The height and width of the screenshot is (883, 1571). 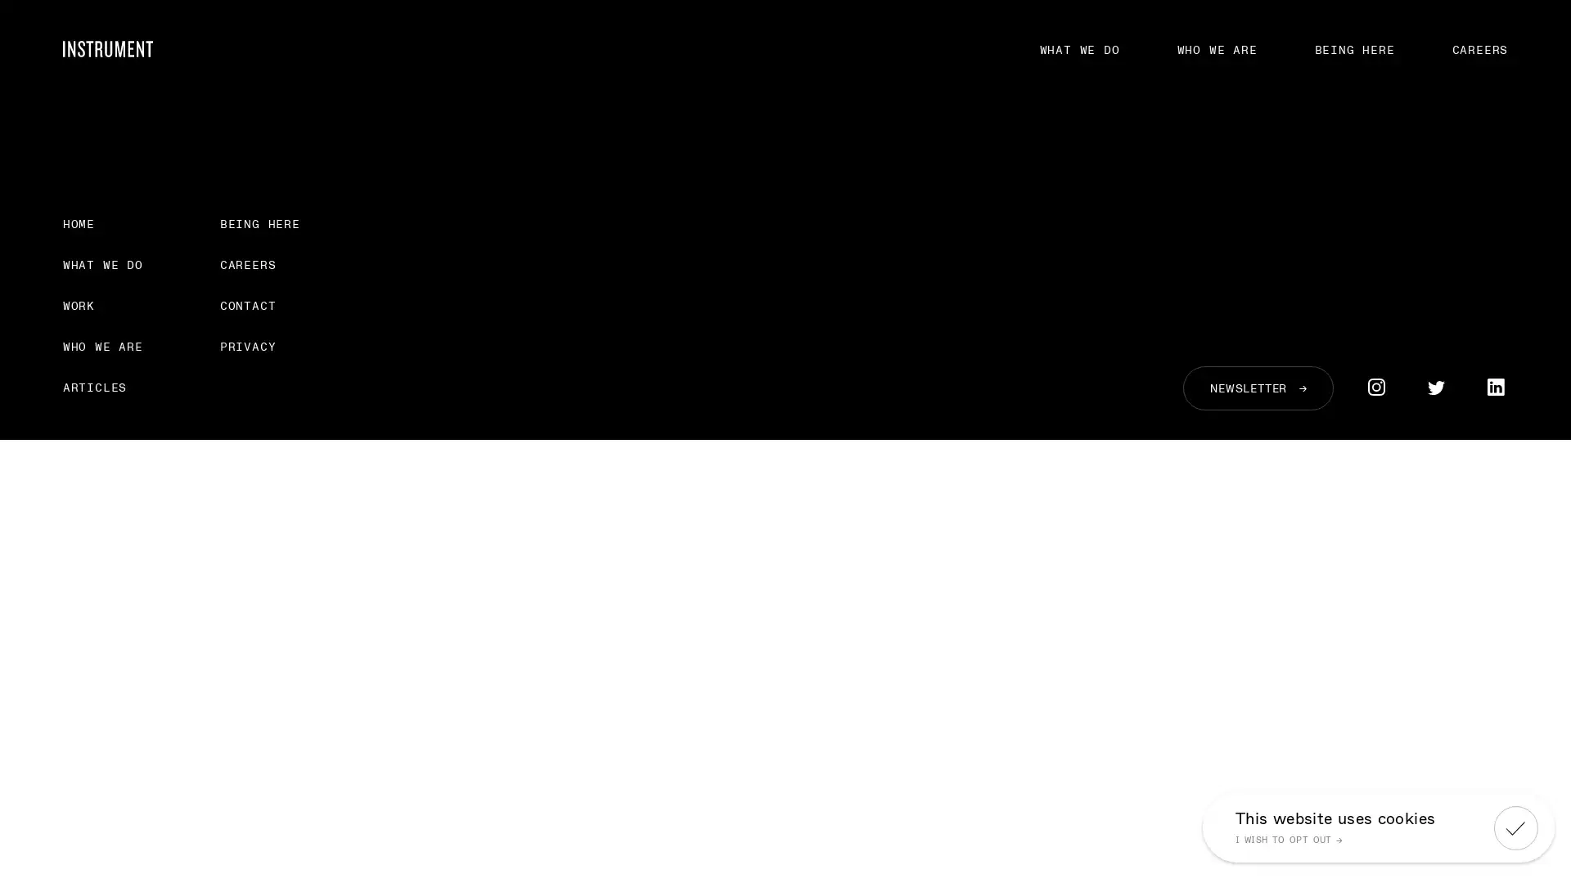 What do you see at coordinates (1515, 827) in the screenshot?
I see `Accept` at bounding box center [1515, 827].